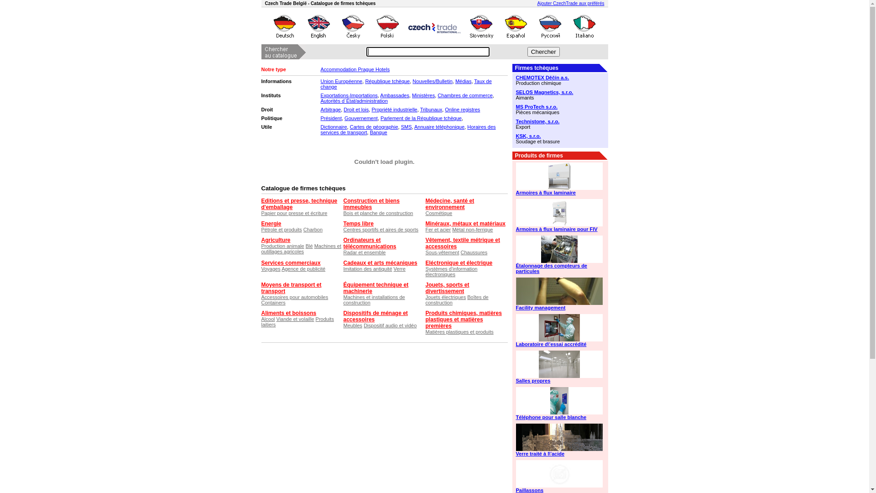 The image size is (876, 493). Describe the element at coordinates (272, 303) in the screenshot. I see `'Containers'` at that location.